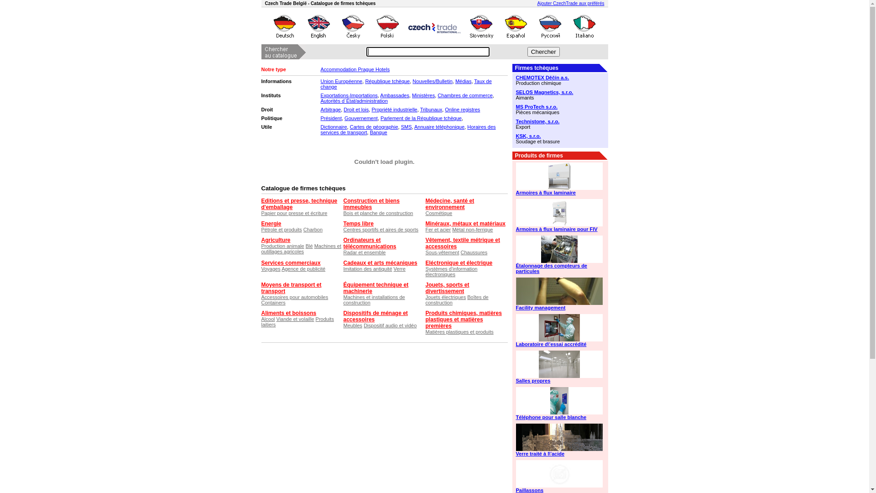 The image size is (876, 493). Describe the element at coordinates (272, 303) in the screenshot. I see `'Containers'` at that location.